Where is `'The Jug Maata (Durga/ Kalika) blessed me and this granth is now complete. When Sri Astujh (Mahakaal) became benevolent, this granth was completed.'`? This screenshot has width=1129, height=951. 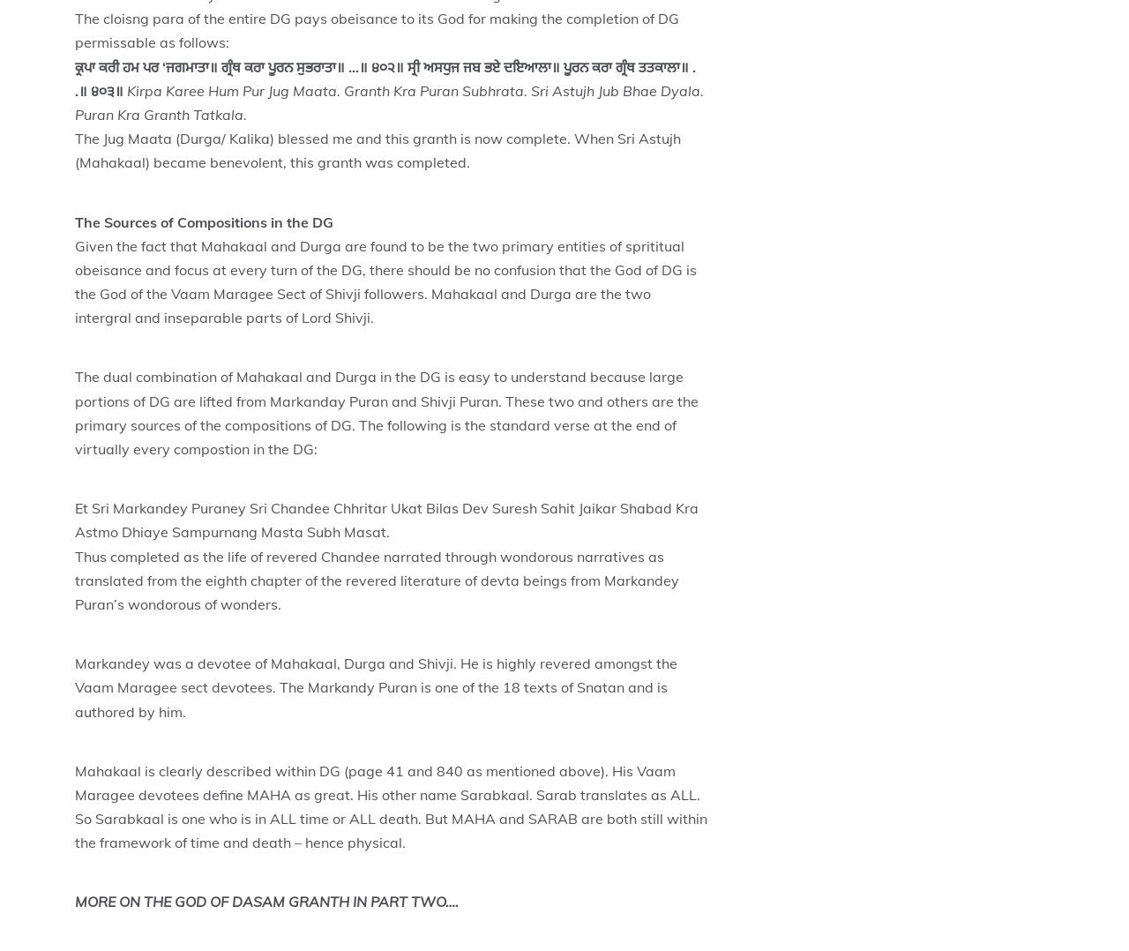 'The Jug Maata (Durga/ Kalika) blessed me and this granth is now complete. When Sri Astujh (Mahakaal) became benevolent, this granth was completed.' is located at coordinates (377, 149).